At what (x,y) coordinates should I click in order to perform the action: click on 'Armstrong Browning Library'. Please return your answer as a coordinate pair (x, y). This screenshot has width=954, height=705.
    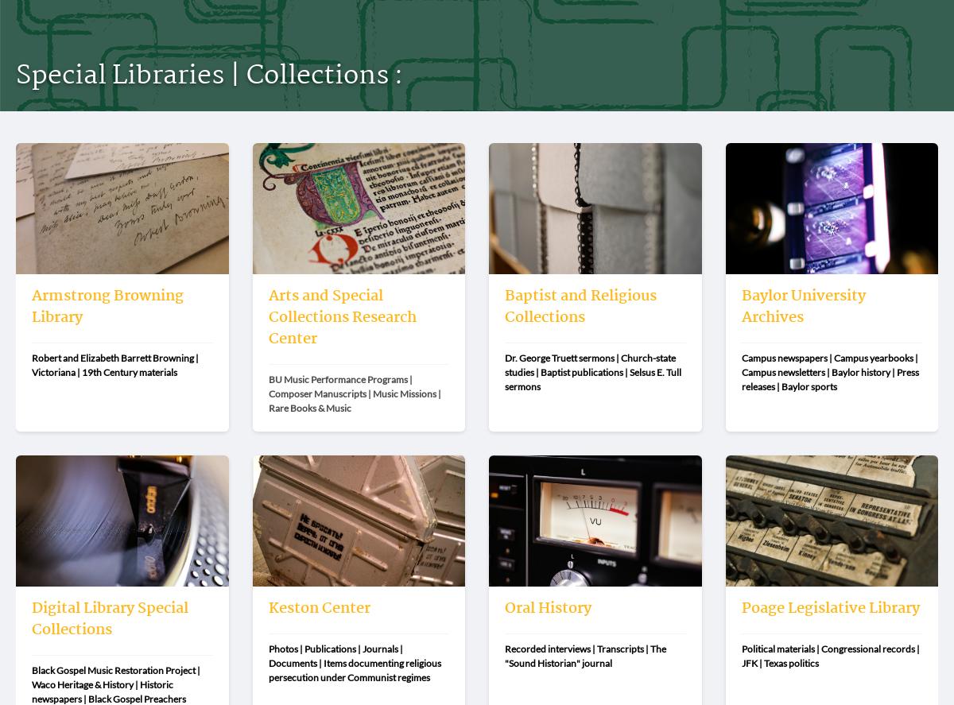
    Looking at the image, I should click on (107, 305).